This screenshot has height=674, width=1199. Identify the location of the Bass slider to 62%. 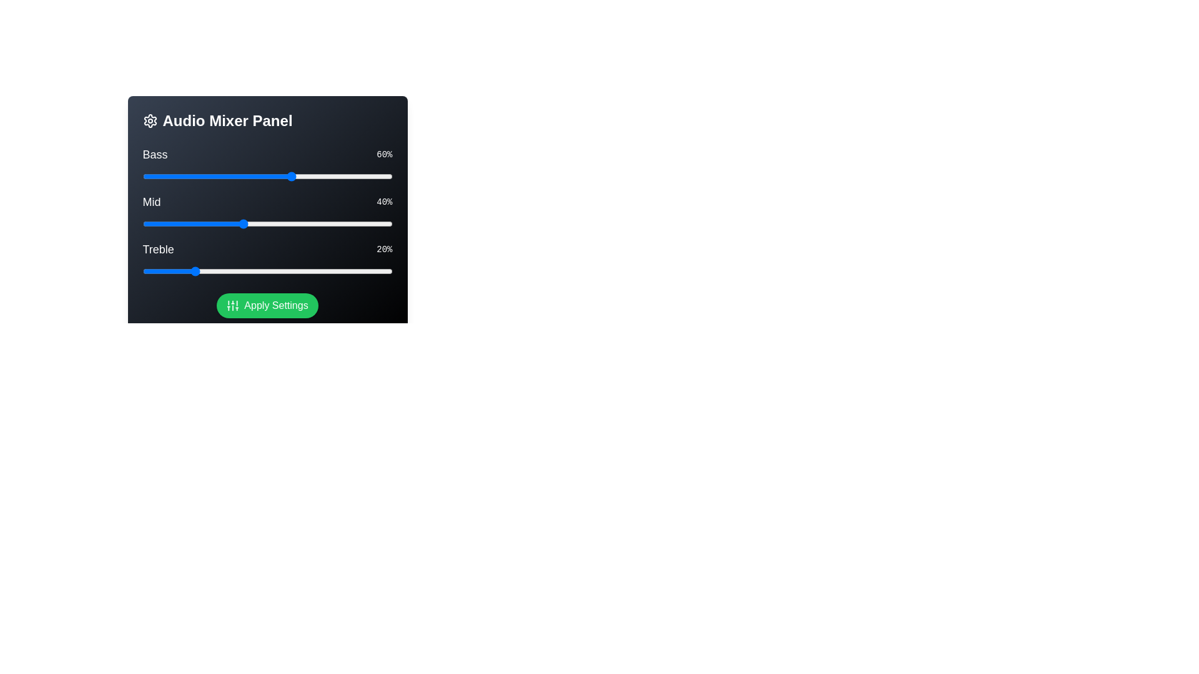
(297, 176).